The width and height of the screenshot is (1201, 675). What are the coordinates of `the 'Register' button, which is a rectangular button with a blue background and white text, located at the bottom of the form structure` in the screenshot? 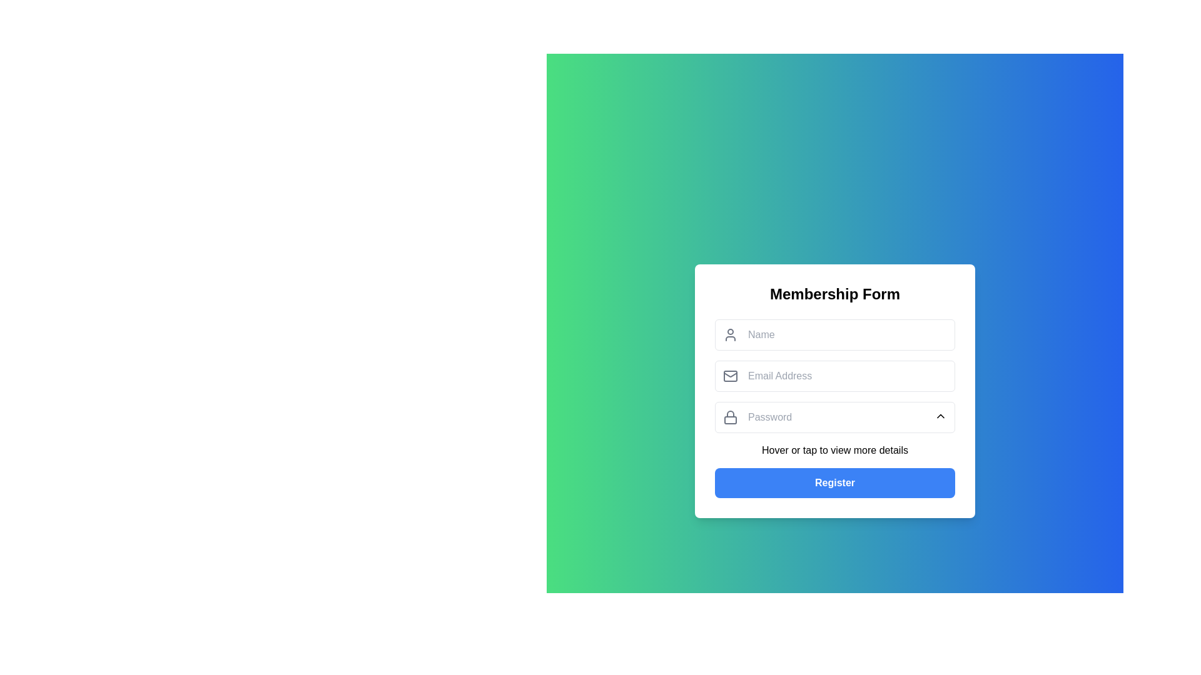 It's located at (834, 482).